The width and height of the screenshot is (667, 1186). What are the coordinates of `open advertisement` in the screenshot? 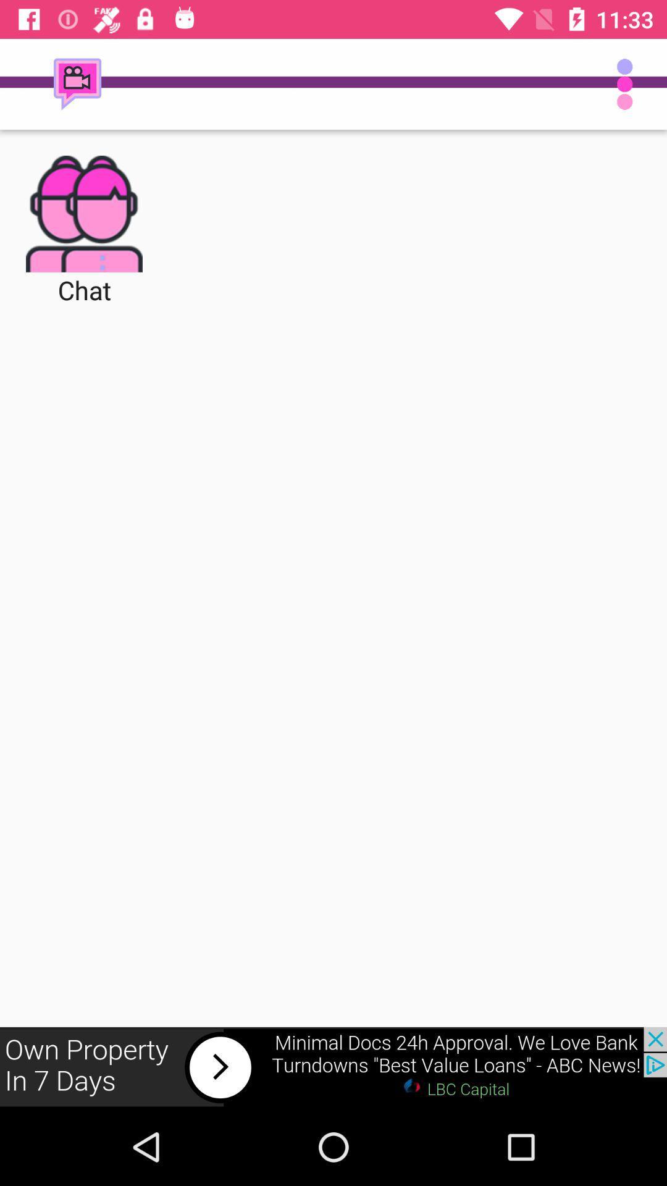 It's located at (333, 1067).